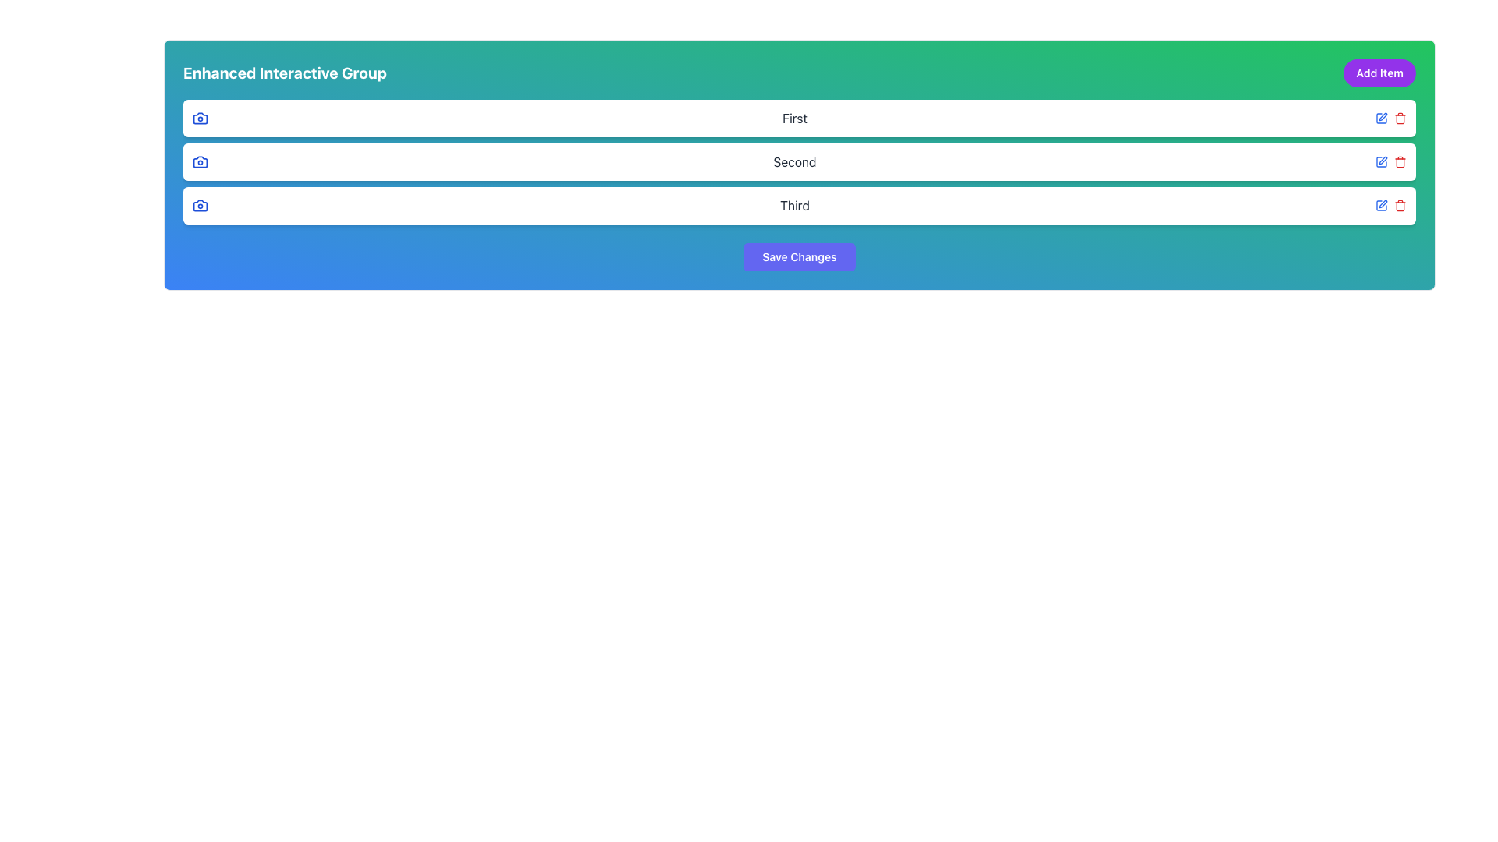  I want to click on the icon button that allows users to initiate an edit action for the item labeled 'Third', which is located directly to the left of a red trashcan icon, so click(1382, 204).